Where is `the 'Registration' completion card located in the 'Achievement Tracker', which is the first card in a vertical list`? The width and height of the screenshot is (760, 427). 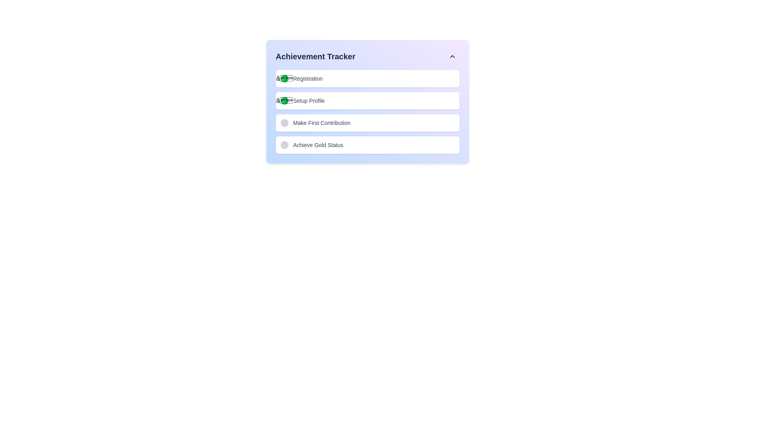
the 'Registration' completion card located in the 'Achievement Tracker', which is the first card in a vertical list is located at coordinates (367, 79).